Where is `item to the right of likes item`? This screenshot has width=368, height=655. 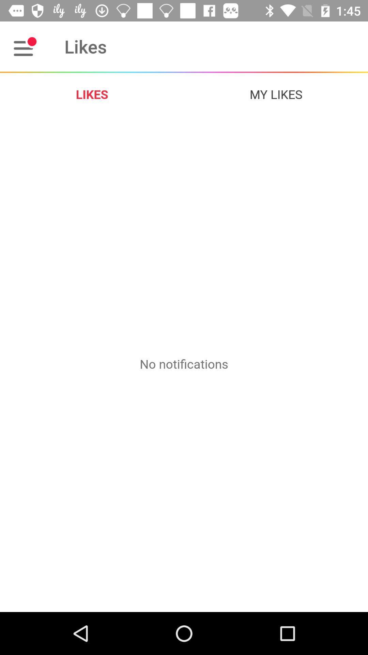 item to the right of likes item is located at coordinates (276, 94).